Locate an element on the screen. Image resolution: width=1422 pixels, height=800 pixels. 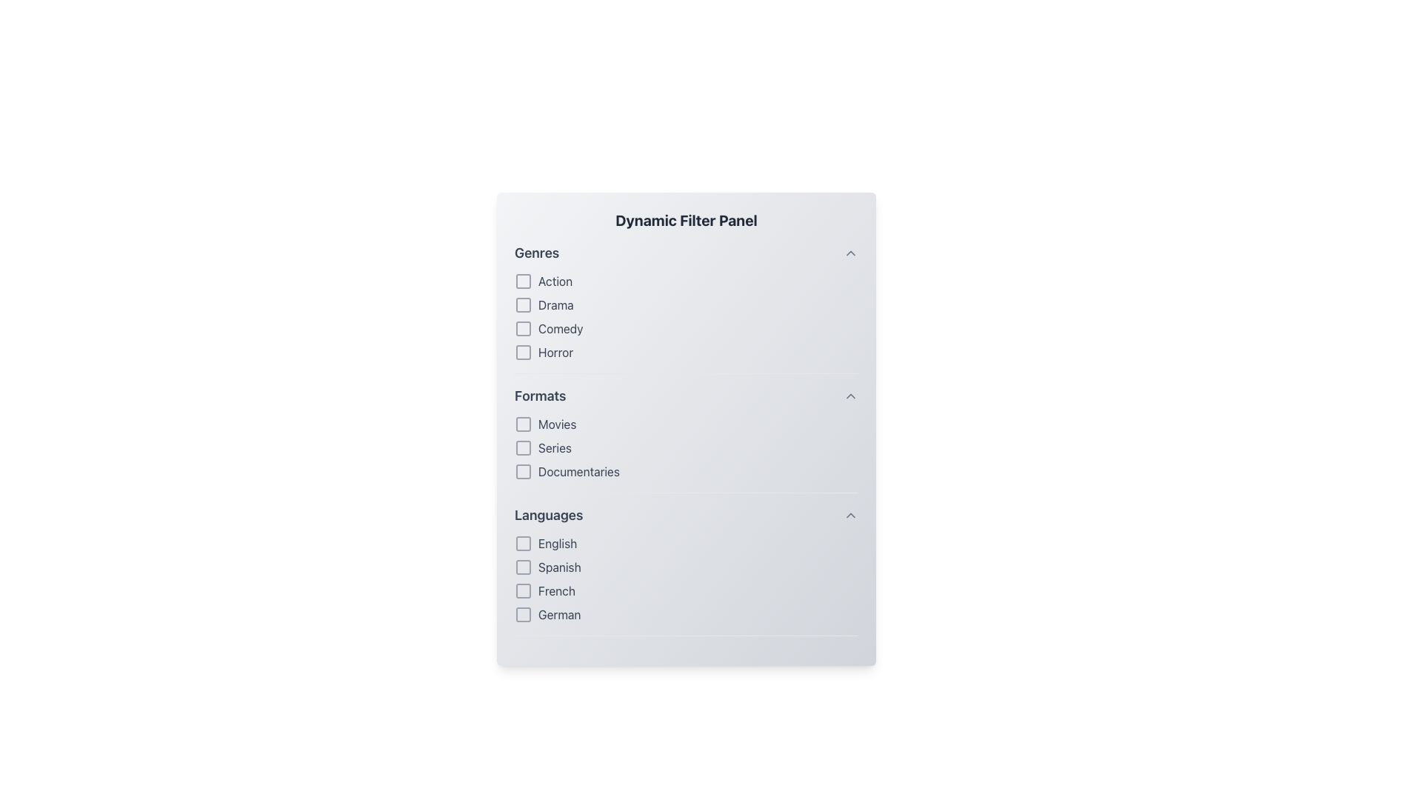
the checkbox for 'Documentaries' in the 'Formats' section of the 'Dynamic Filter Panel' is located at coordinates (523, 471).